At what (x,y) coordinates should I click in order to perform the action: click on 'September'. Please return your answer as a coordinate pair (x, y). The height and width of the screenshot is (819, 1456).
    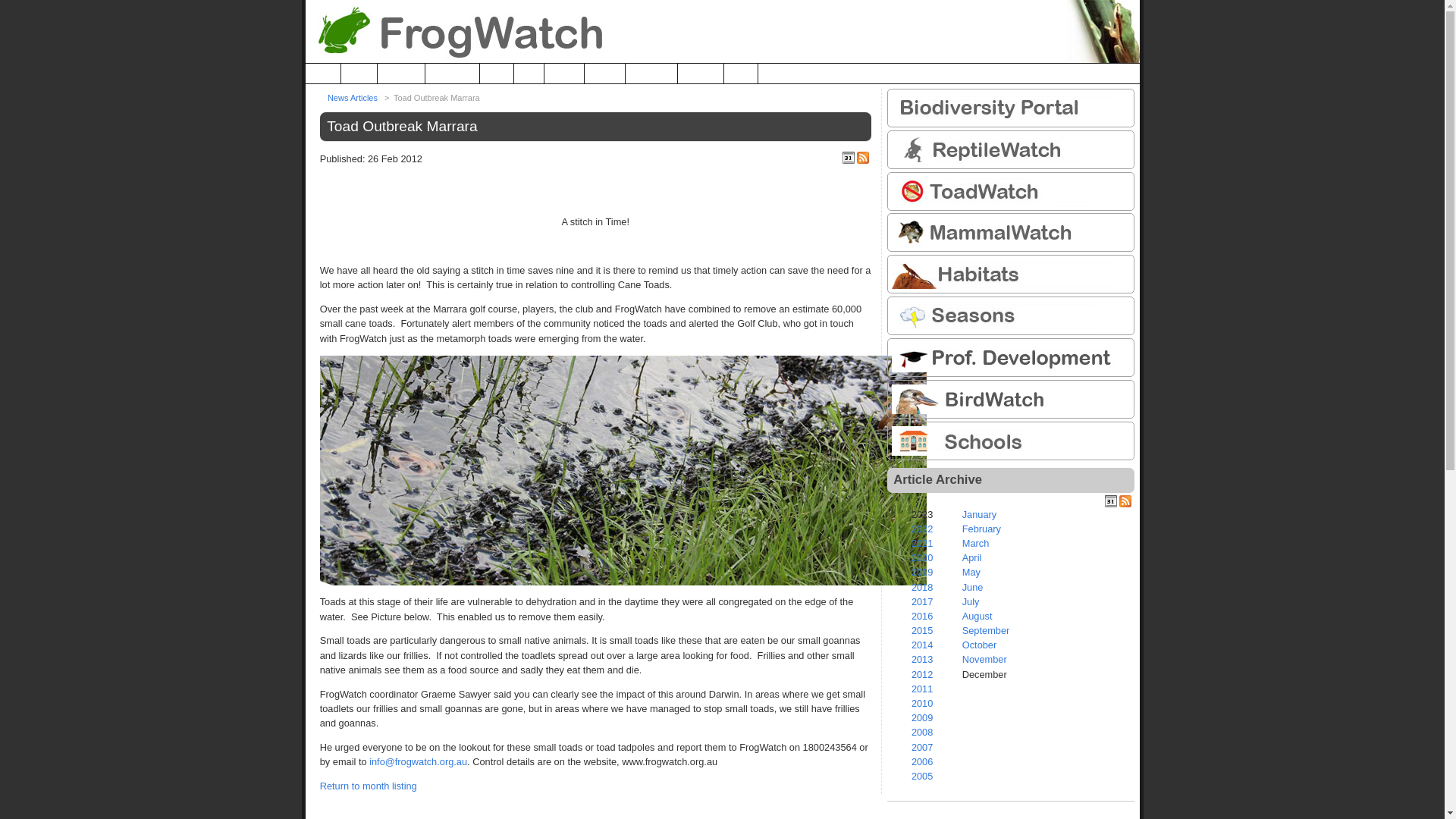
    Looking at the image, I should click on (961, 630).